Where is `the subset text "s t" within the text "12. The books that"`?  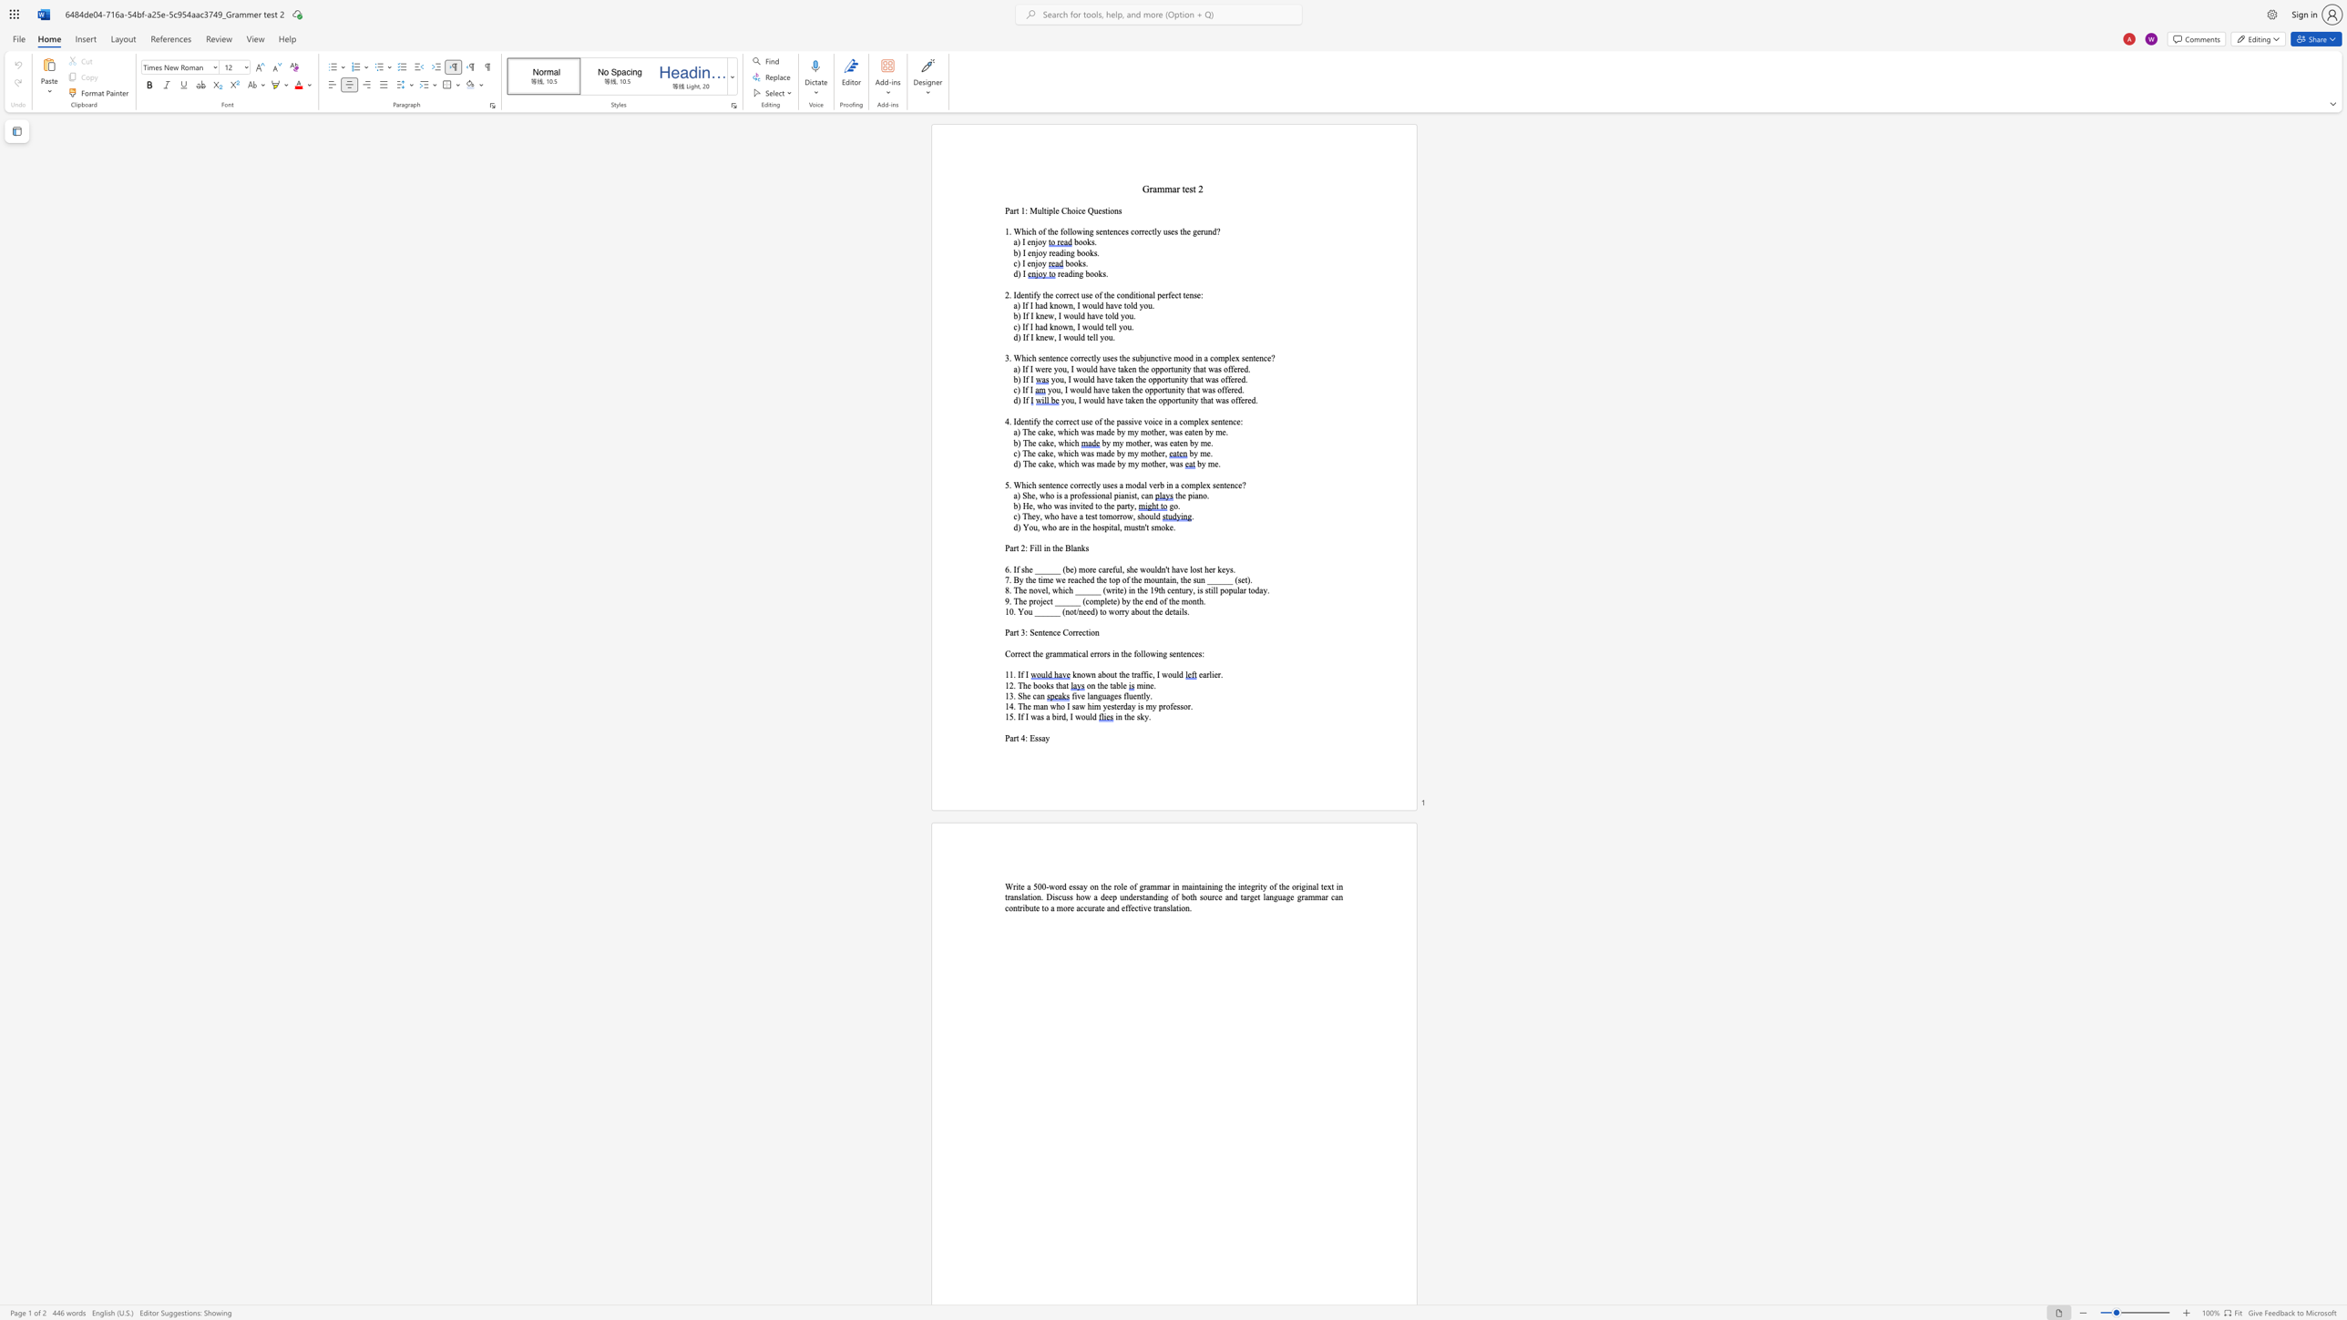
the subset text "s t" within the text "12. The books that" is located at coordinates (1050, 685).